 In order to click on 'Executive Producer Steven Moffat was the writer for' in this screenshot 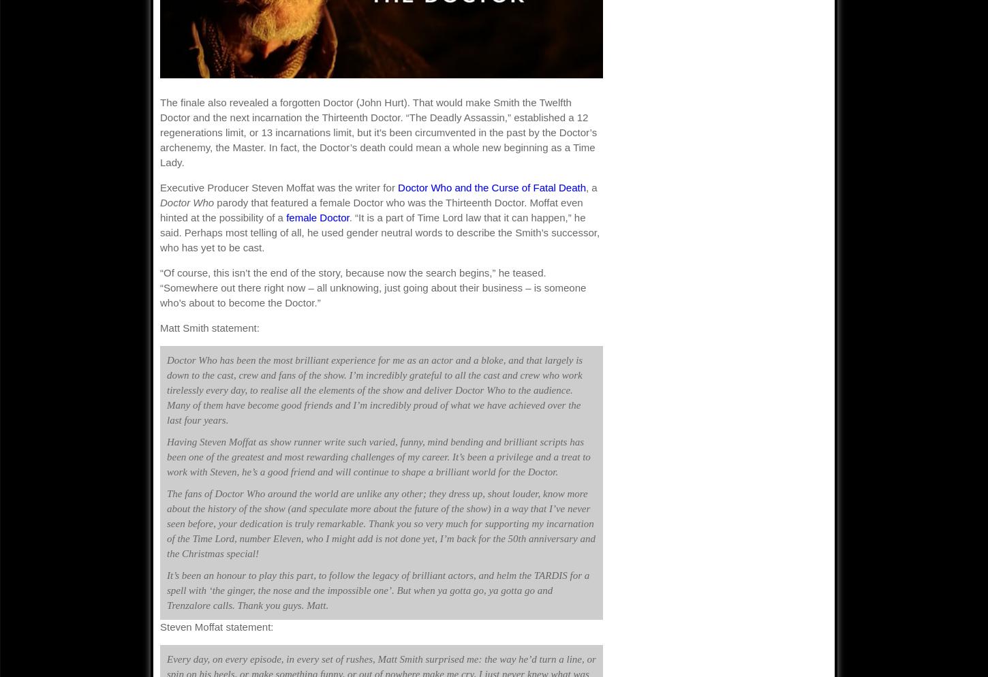, I will do `click(278, 187)`.